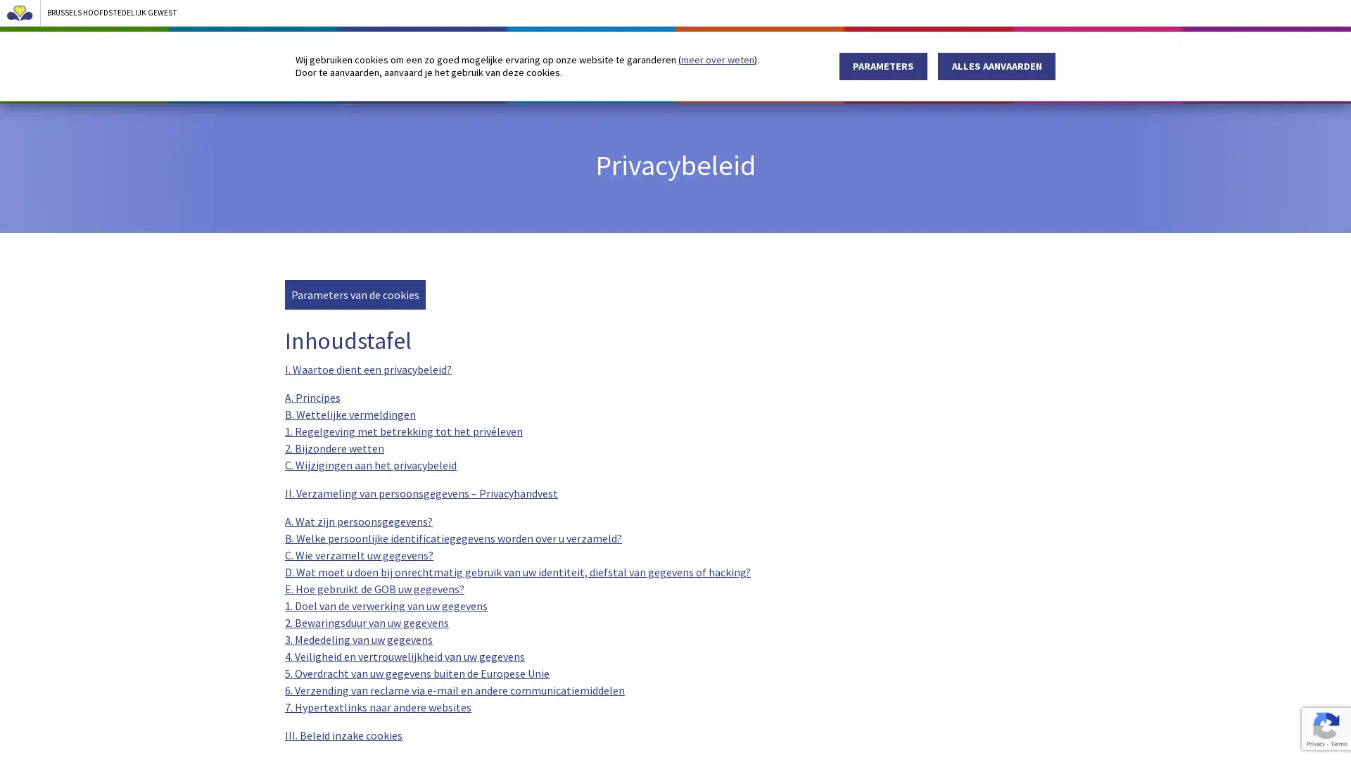 The image size is (1351, 760). I want to click on zoeken, so click(1044, 43).